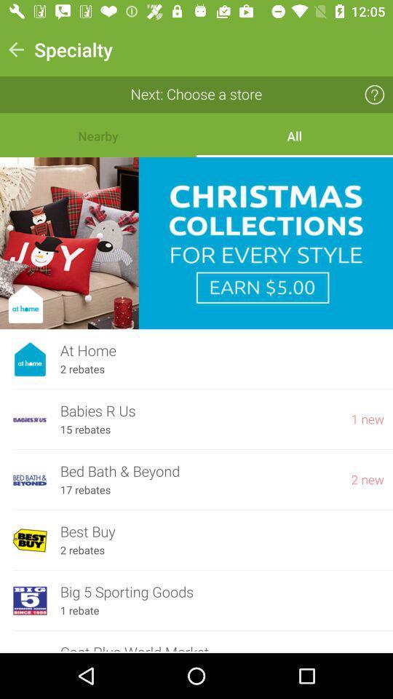 The image size is (393, 699). What do you see at coordinates (222, 531) in the screenshot?
I see `the best buy icon` at bounding box center [222, 531].